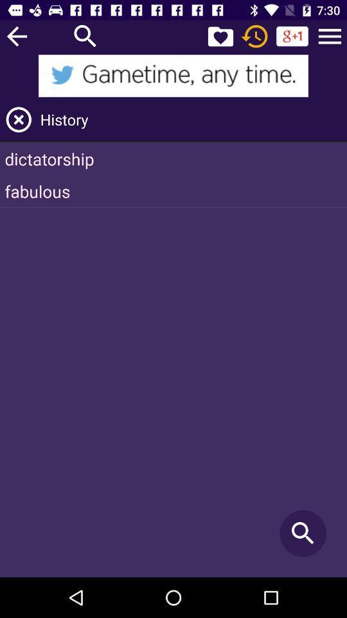 This screenshot has width=347, height=618. I want to click on the close icon, so click(18, 119).